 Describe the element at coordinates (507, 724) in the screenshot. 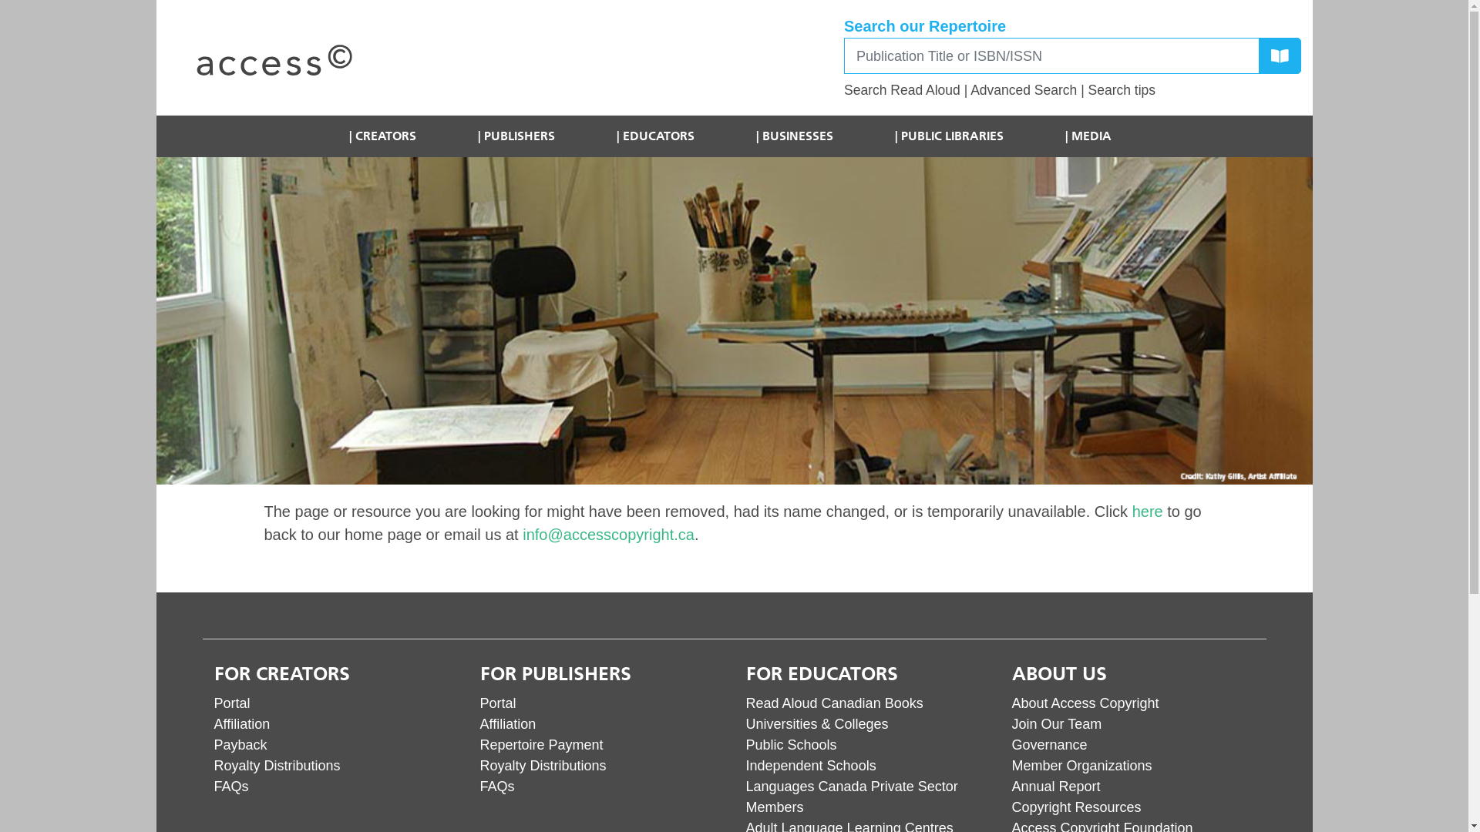

I see `'Affiliation'` at that location.